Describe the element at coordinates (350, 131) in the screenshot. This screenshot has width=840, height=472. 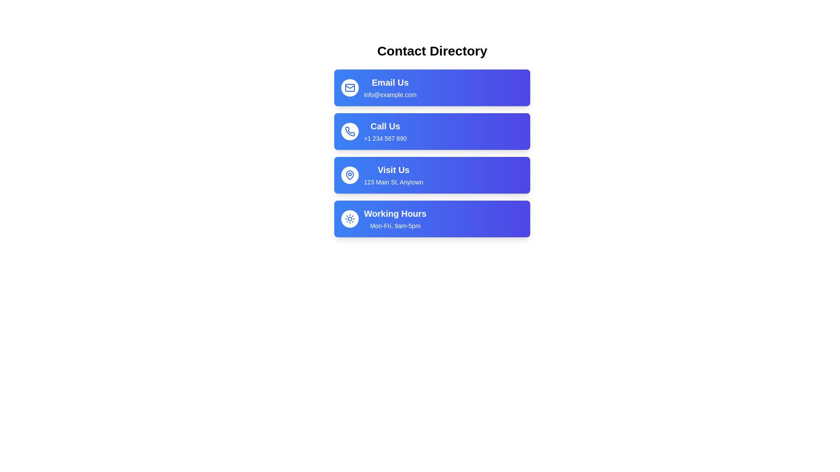
I see `the 'Call Us' icon in the contact directory` at that location.